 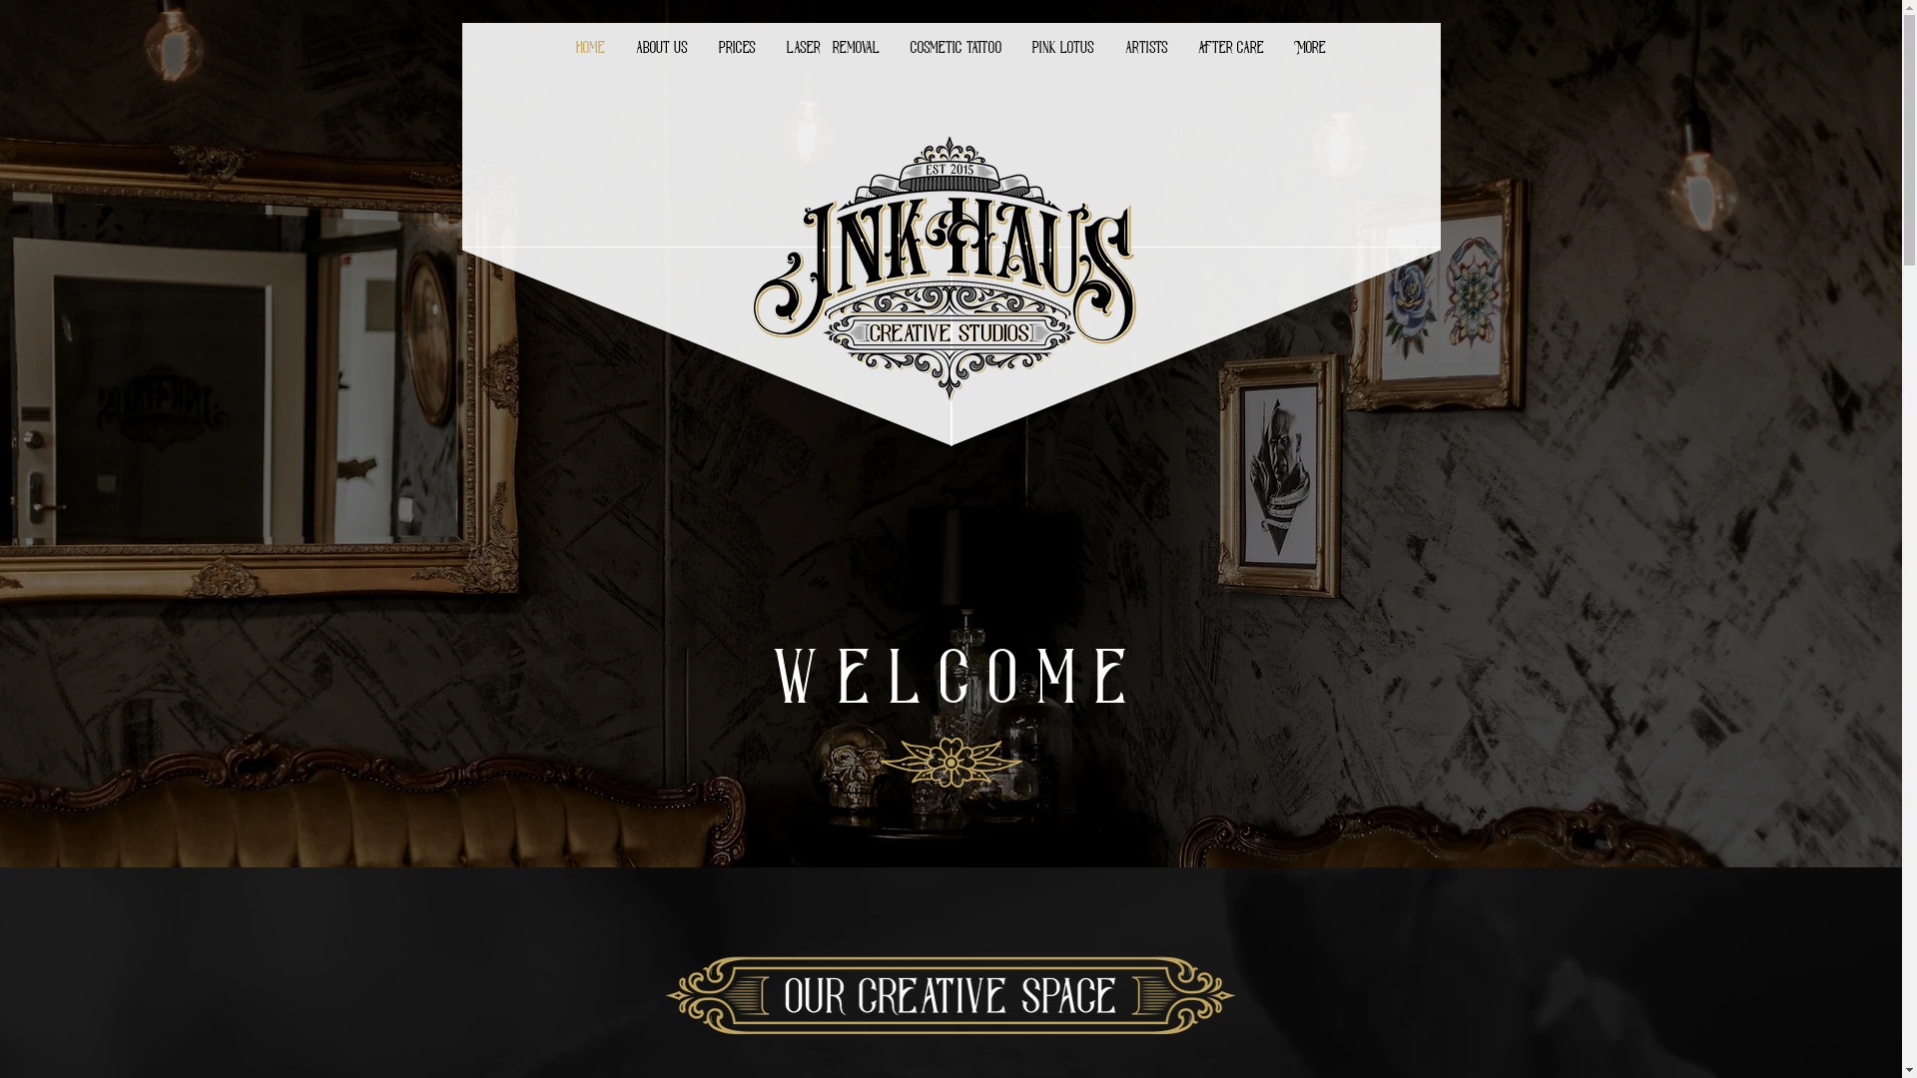 I want to click on 'home', so click(x=589, y=46).